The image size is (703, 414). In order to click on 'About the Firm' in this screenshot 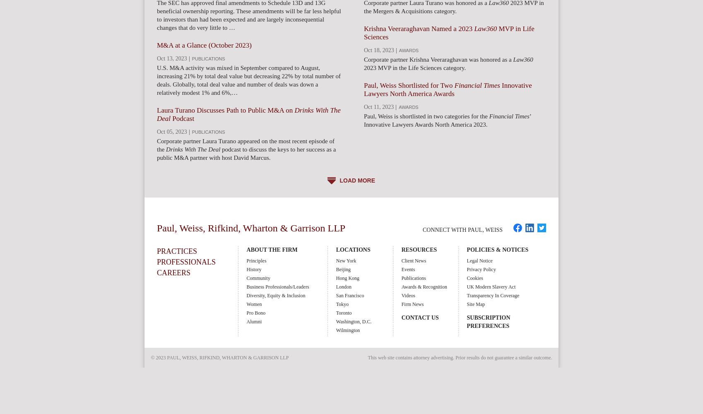, I will do `click(271, 249)`.